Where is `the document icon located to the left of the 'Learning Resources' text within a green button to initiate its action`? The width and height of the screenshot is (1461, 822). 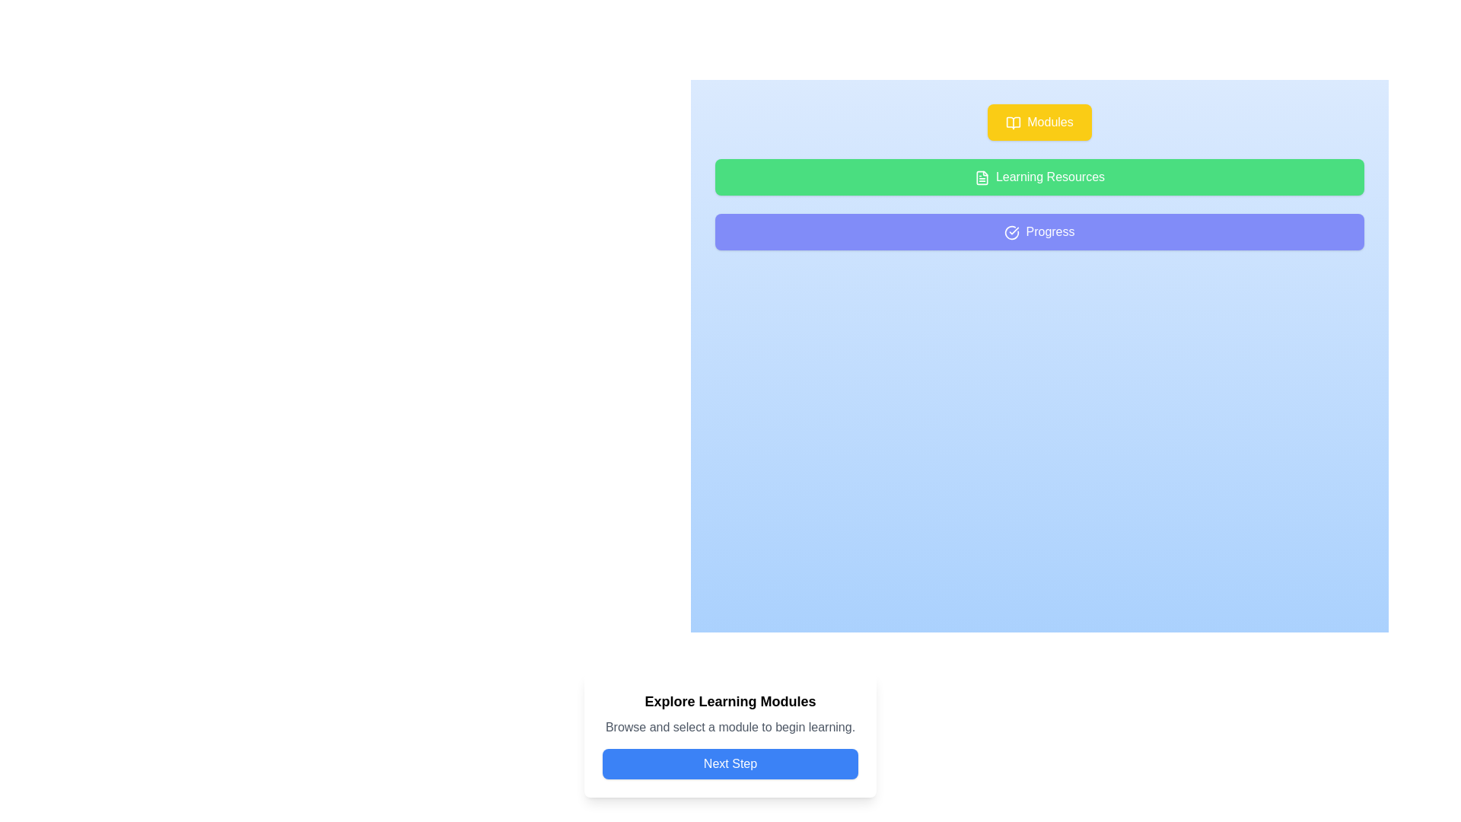 the document icon located to the left of the 'Learning Resources' text within a green button to initiate its action is located at coordinates (982, 177).